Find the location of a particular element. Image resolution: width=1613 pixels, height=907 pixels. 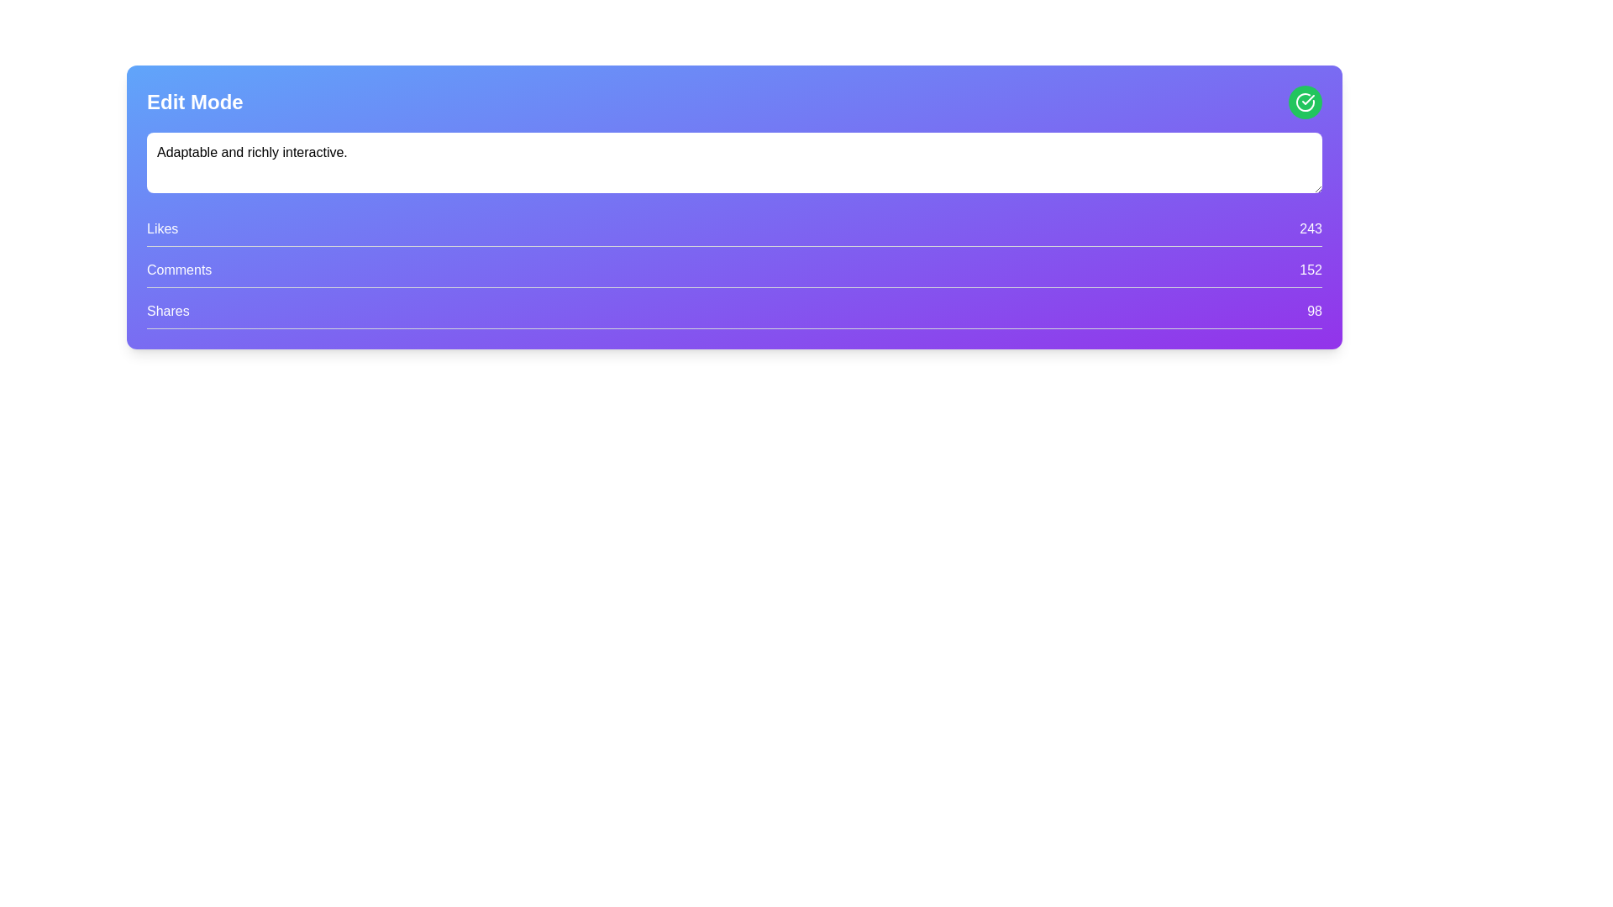

the 'Likes' static label that indicates the number of likes associated with the content is located at coordinates (162, 229).